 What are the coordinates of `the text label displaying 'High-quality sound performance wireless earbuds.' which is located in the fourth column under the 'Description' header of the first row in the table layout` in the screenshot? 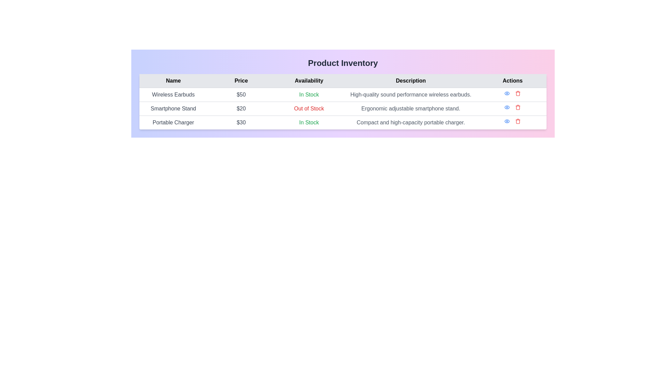 It's located at (411, 94).